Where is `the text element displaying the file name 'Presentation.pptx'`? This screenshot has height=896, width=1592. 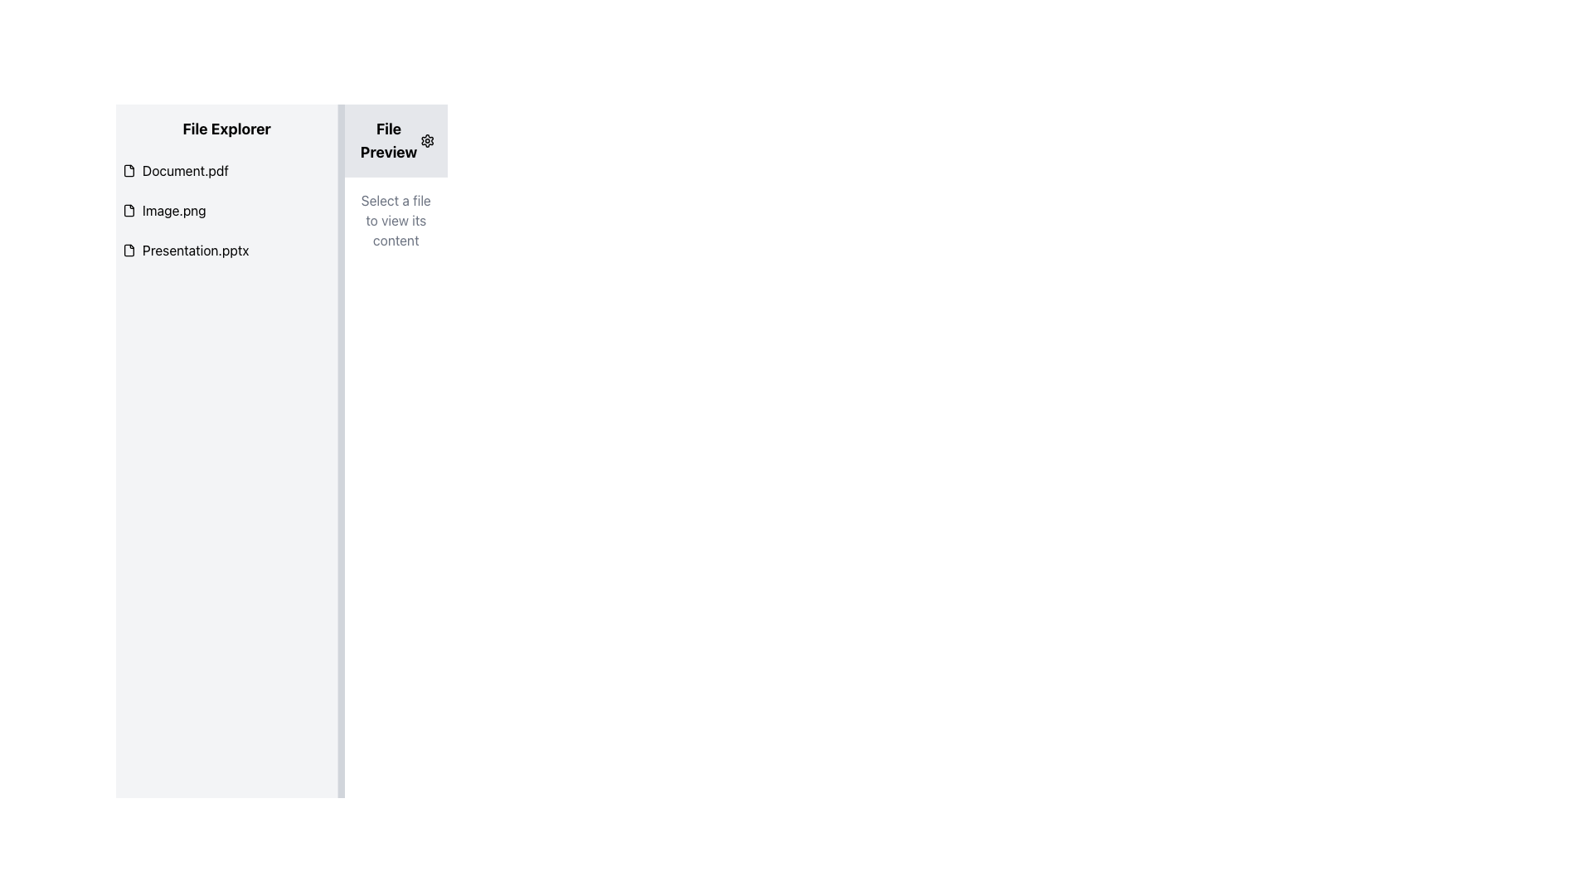 the text element displaying the file name 'Presentation.pptx' is located at coordinates (196, 250).